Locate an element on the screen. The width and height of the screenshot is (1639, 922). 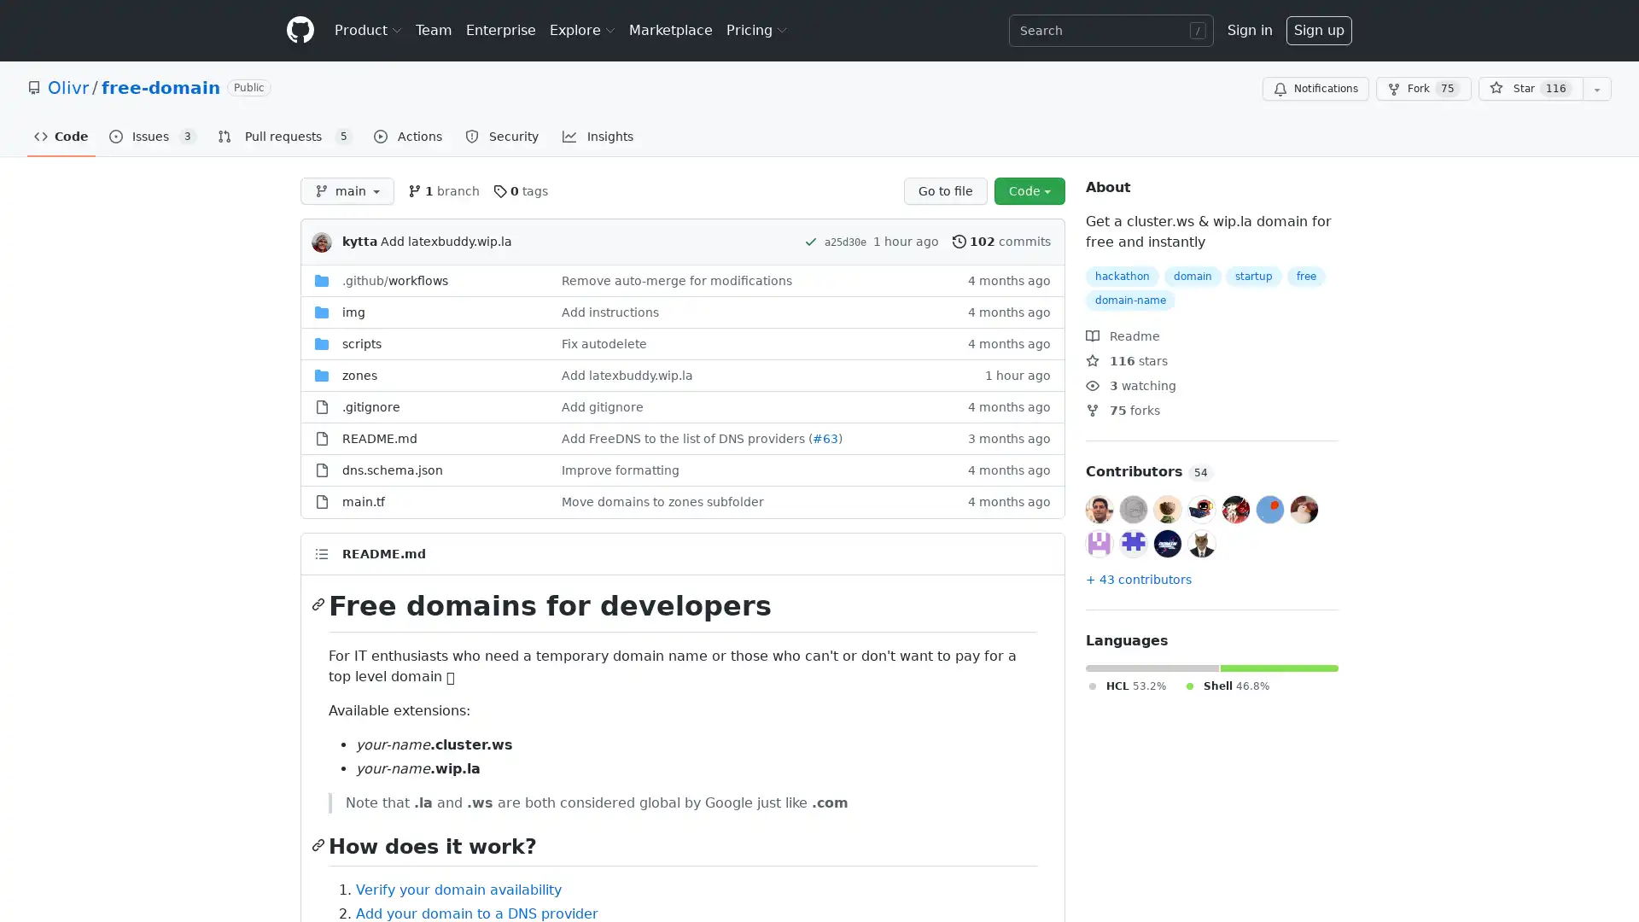
You must be signed in to add this repository to a list is located at coordinates (1596, 89).